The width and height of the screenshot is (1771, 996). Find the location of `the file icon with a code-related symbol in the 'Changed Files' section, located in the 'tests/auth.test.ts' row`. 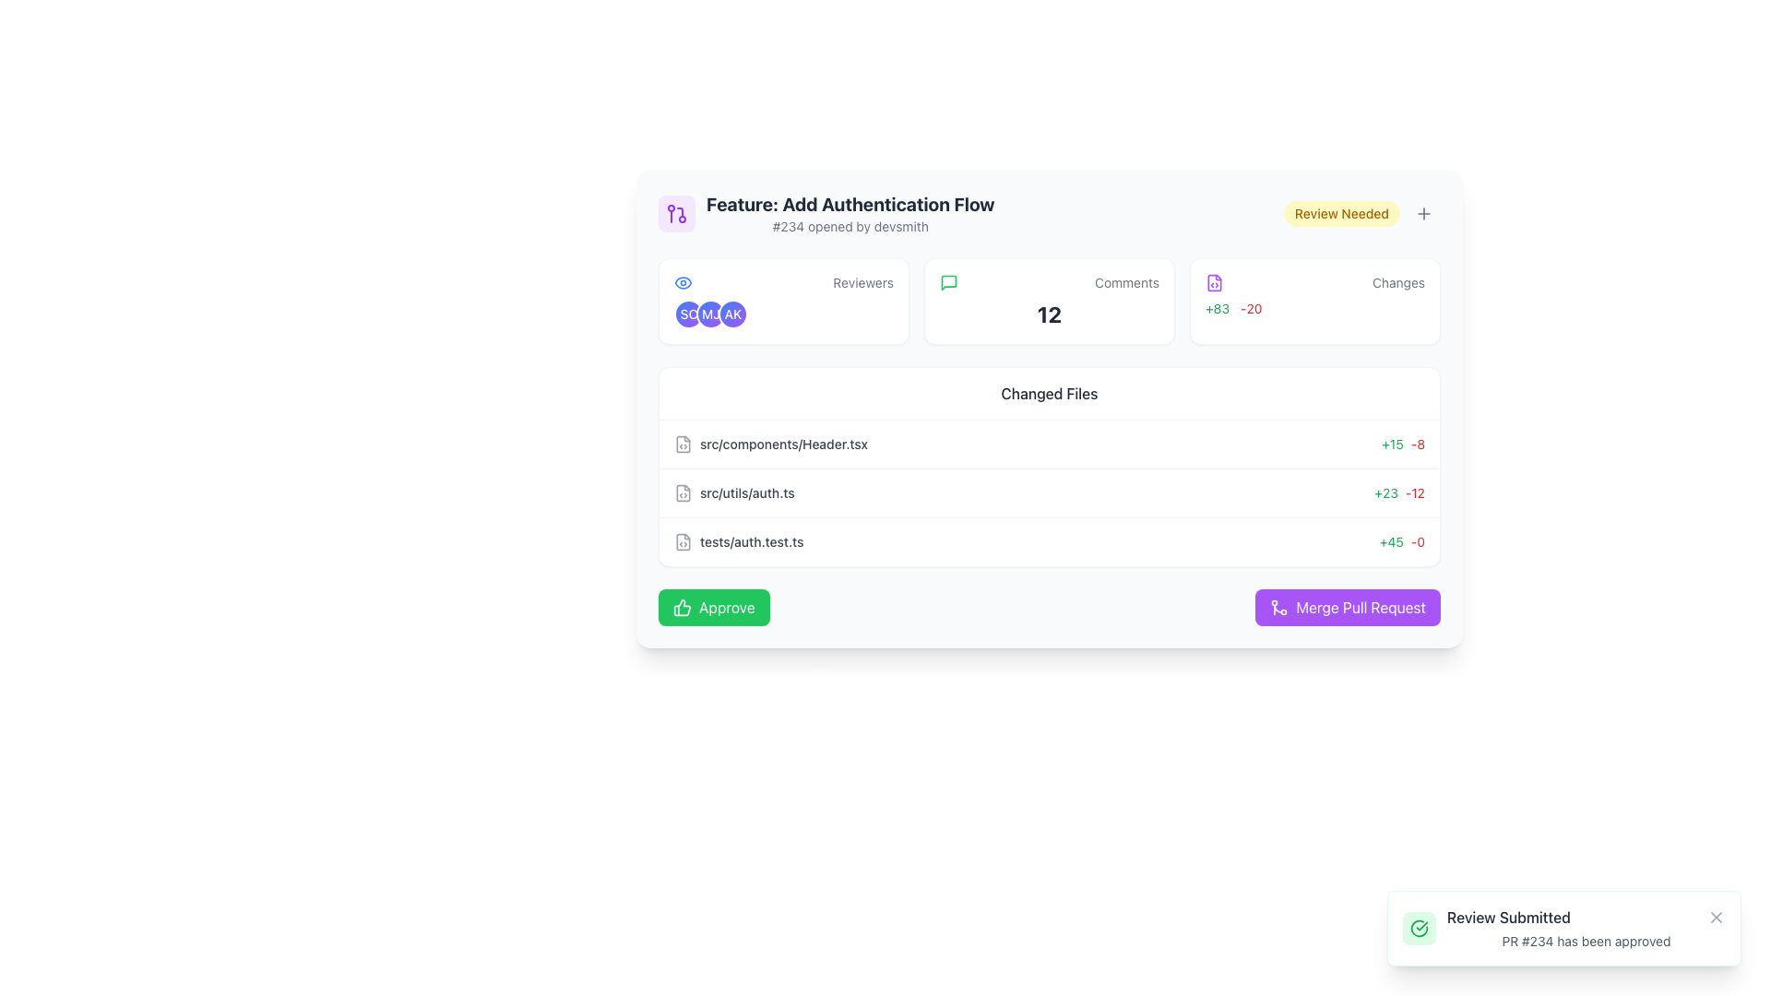

the file icon with a code-related symbol in the 'Changed Files' section, located in the 'tests/auth.test.ts' row is located at coordinates (682, 540).